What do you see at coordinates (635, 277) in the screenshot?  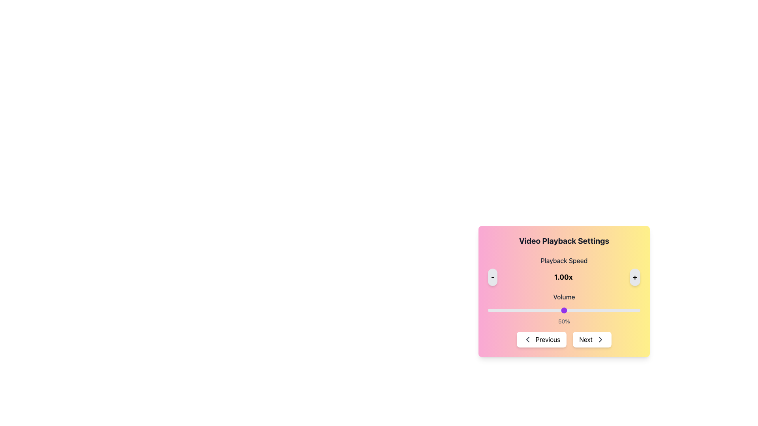 I see `the button on the right side of the 'Playback Speed' section to increment the playback speed` at bounding box center [635, 277].